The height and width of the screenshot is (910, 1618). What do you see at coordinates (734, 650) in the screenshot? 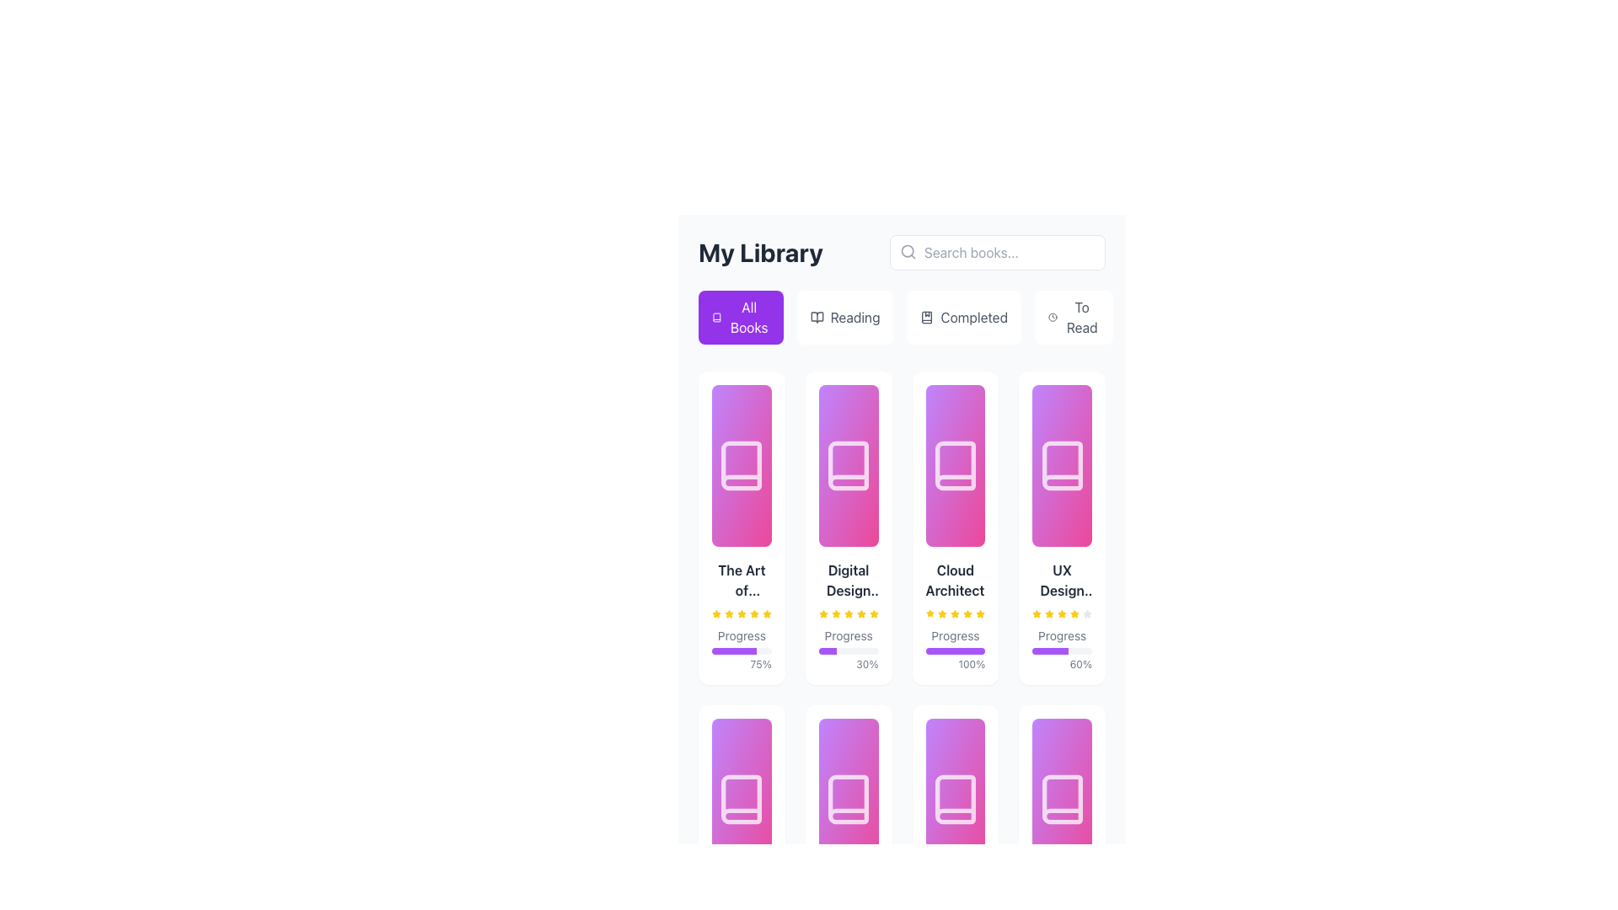
I see `the progress bar segment that visually represents the reading progress of the book titled 'The Art of...'` at bounding box center [734, 650].